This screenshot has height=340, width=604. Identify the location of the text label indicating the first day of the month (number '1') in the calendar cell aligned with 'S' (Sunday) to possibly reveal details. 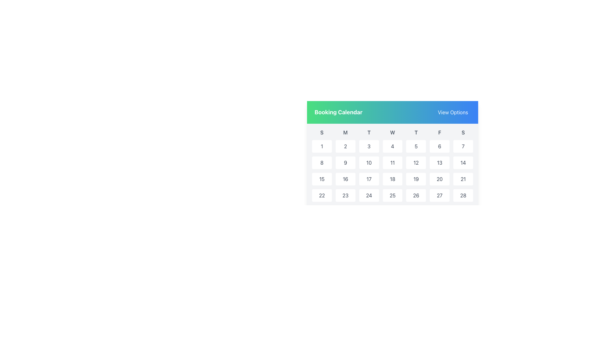
(322, 146).